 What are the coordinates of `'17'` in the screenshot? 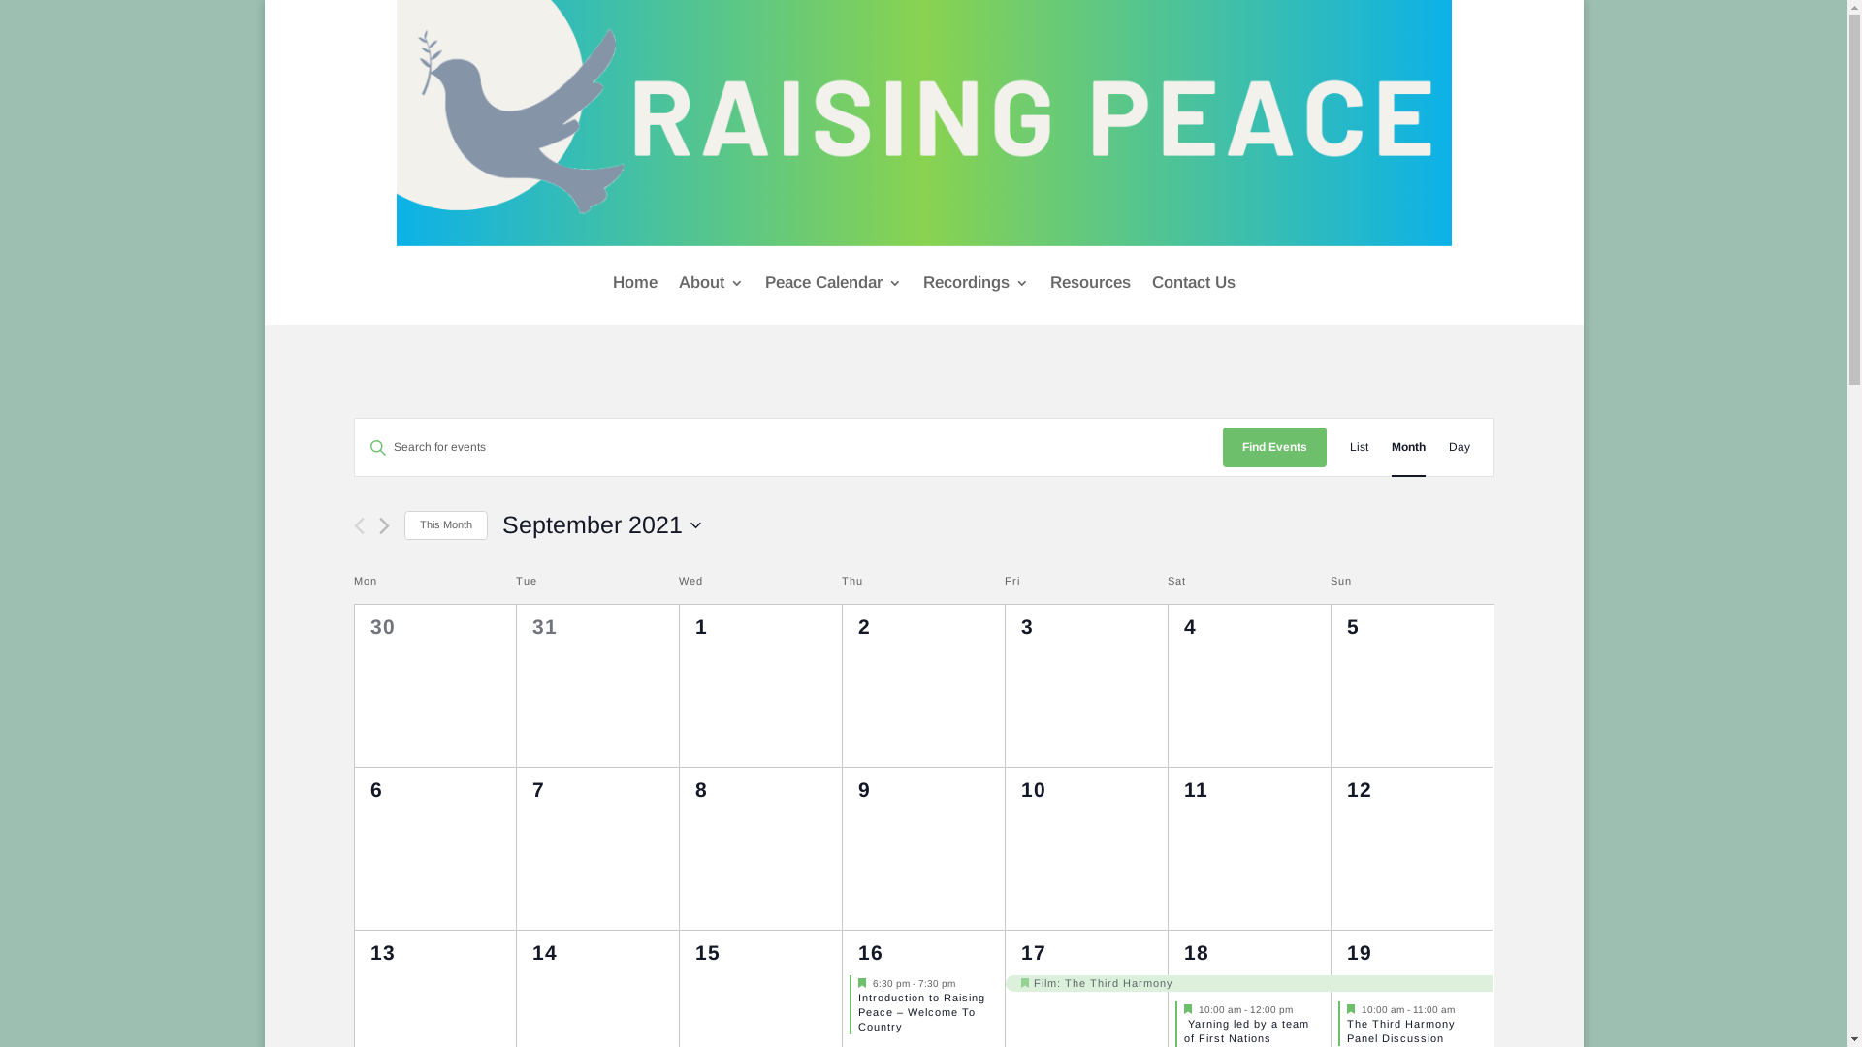 It's located at (1032, 951).